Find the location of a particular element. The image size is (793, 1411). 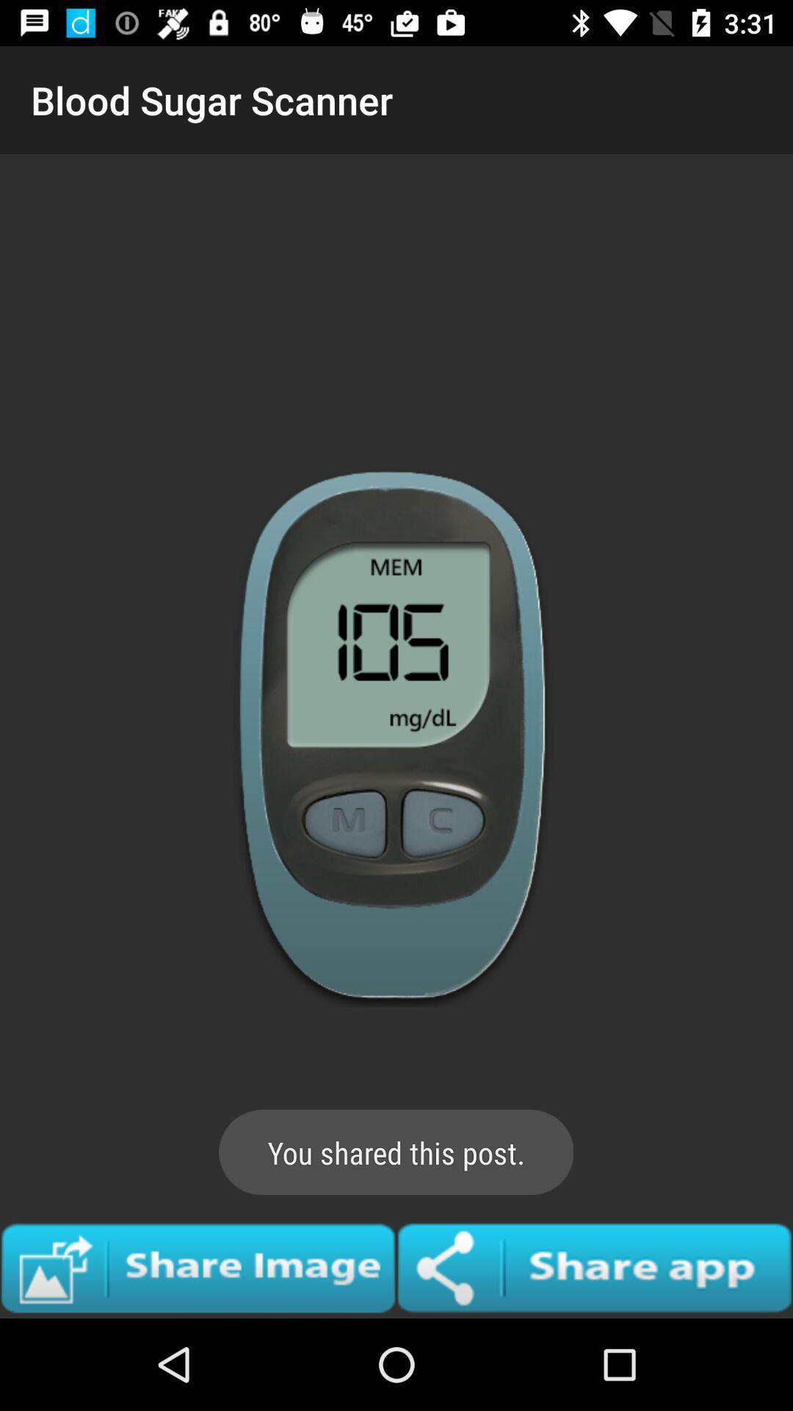

share app button is located at coordinates (595, 1267).